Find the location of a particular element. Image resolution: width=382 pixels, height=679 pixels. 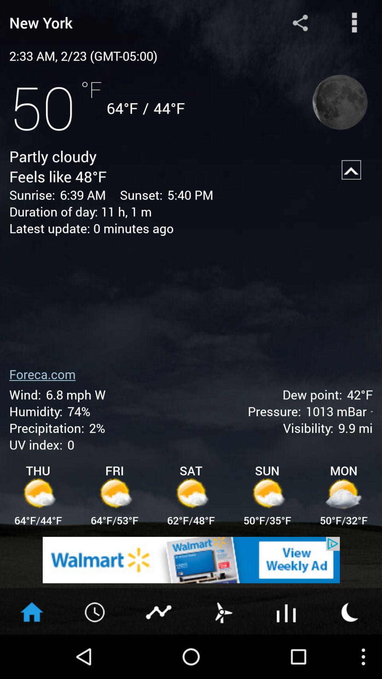

advertising bar is located at coordinates (191, 559).